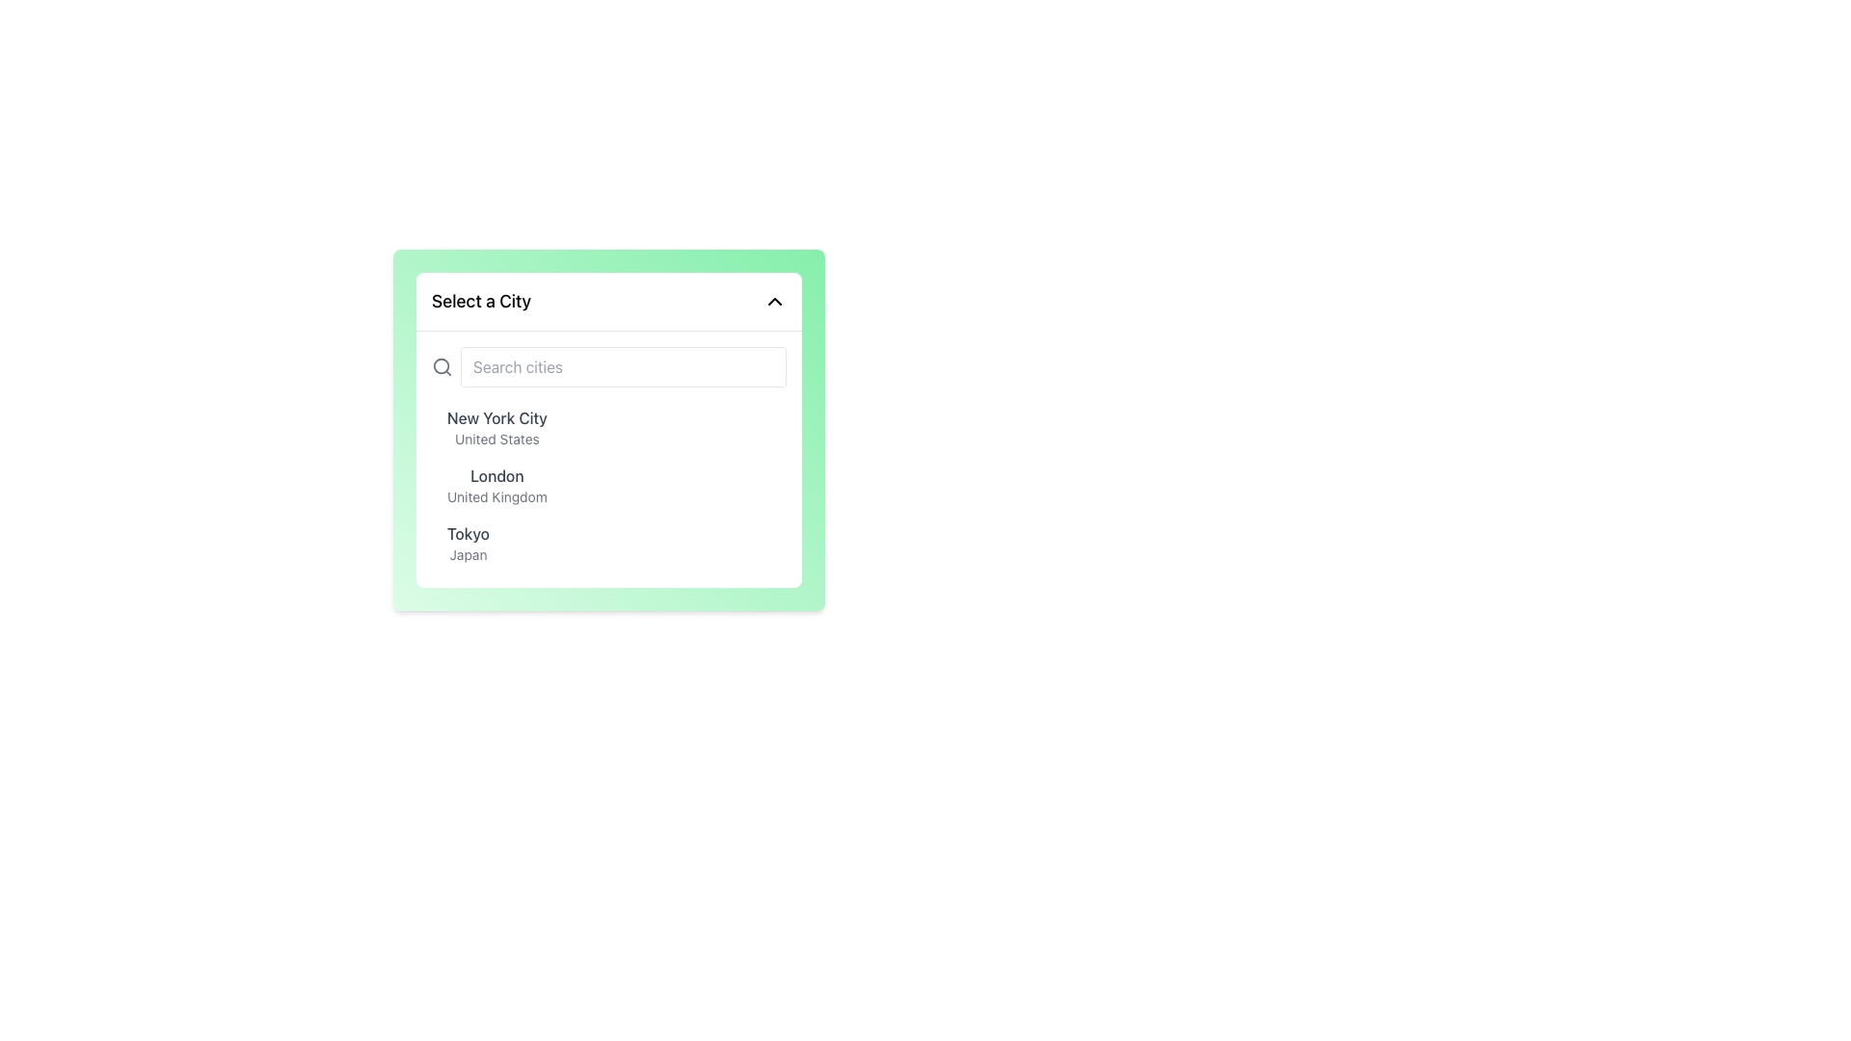 This screenshot has height=1041, width=1851. Describe the element at coordinates (496, 439) in the screenshot. I see `the text element displaying 'United States' in light gray, located beneath 'New York City' in the dropdown menu 'Select a City'` at that location.